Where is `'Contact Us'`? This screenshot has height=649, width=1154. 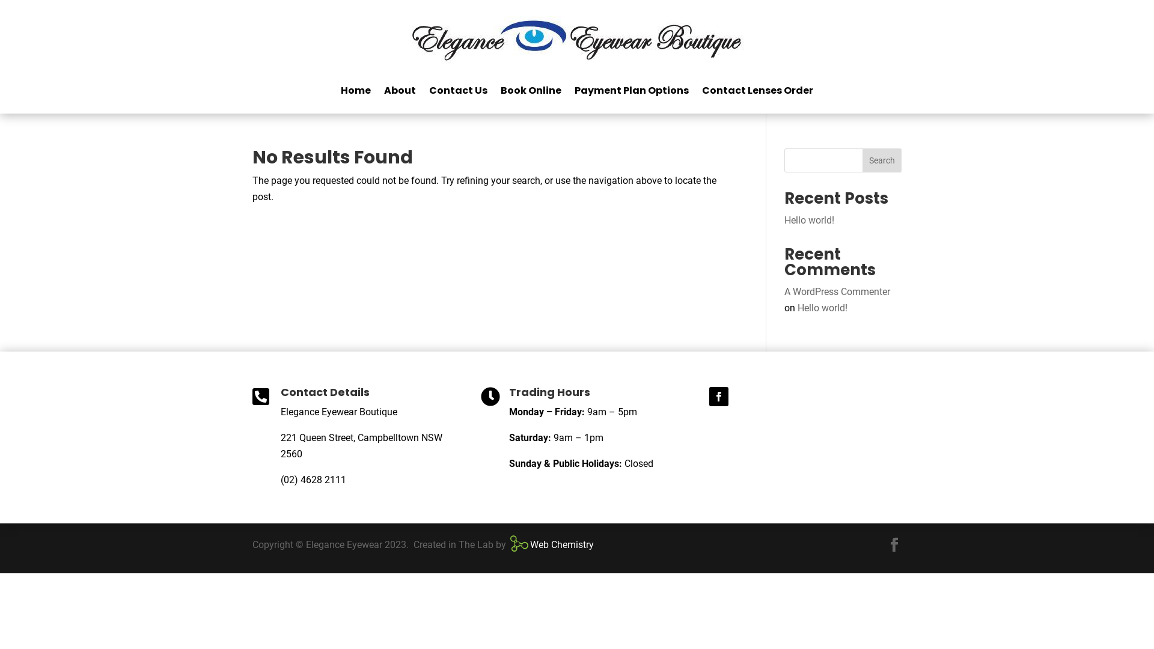 'Contact Us' is located at coordinates (457, 90).